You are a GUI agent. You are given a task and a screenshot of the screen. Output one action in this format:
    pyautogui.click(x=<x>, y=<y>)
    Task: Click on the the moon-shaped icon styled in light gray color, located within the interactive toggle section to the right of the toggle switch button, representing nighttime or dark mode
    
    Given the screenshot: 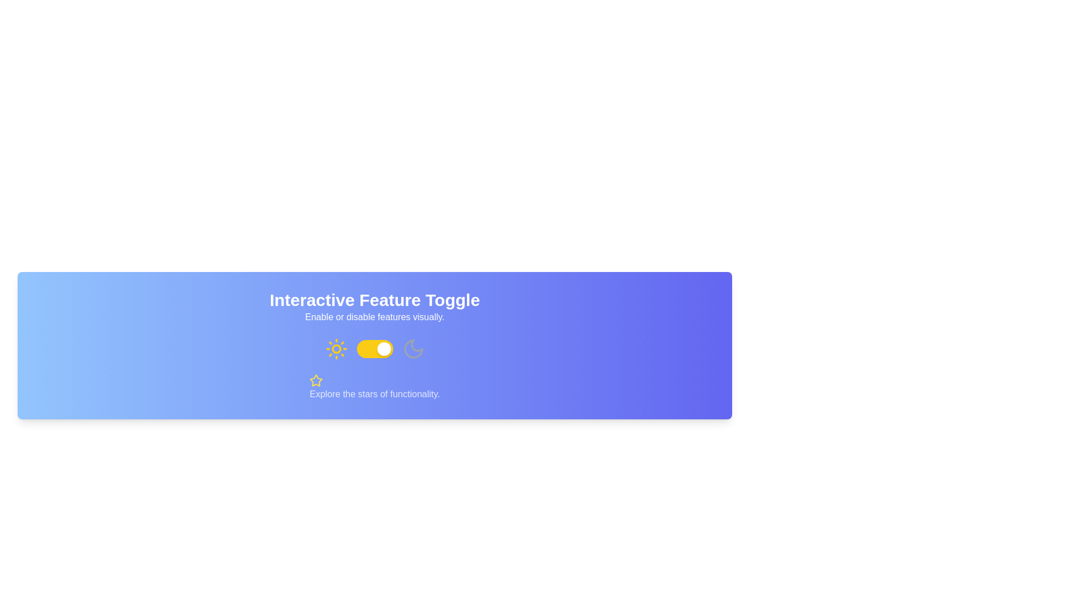 What is the action you would take?
    pyautogui.click(x=413, y=348)
    